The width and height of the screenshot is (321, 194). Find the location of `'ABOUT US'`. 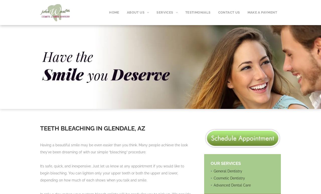

'ABOUT US' is located at coordinates (135, 12).